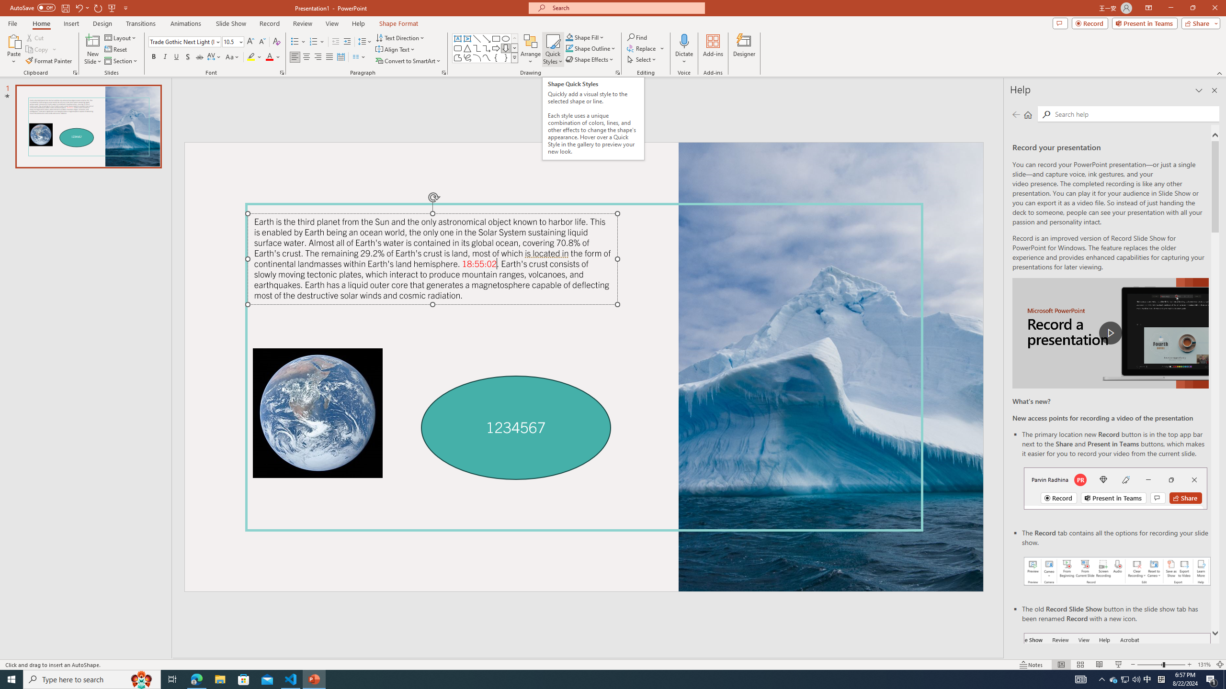  Describe the element at coordinates (336, 42) in the screenshot. I see `'Decrease Indent'` at that location.